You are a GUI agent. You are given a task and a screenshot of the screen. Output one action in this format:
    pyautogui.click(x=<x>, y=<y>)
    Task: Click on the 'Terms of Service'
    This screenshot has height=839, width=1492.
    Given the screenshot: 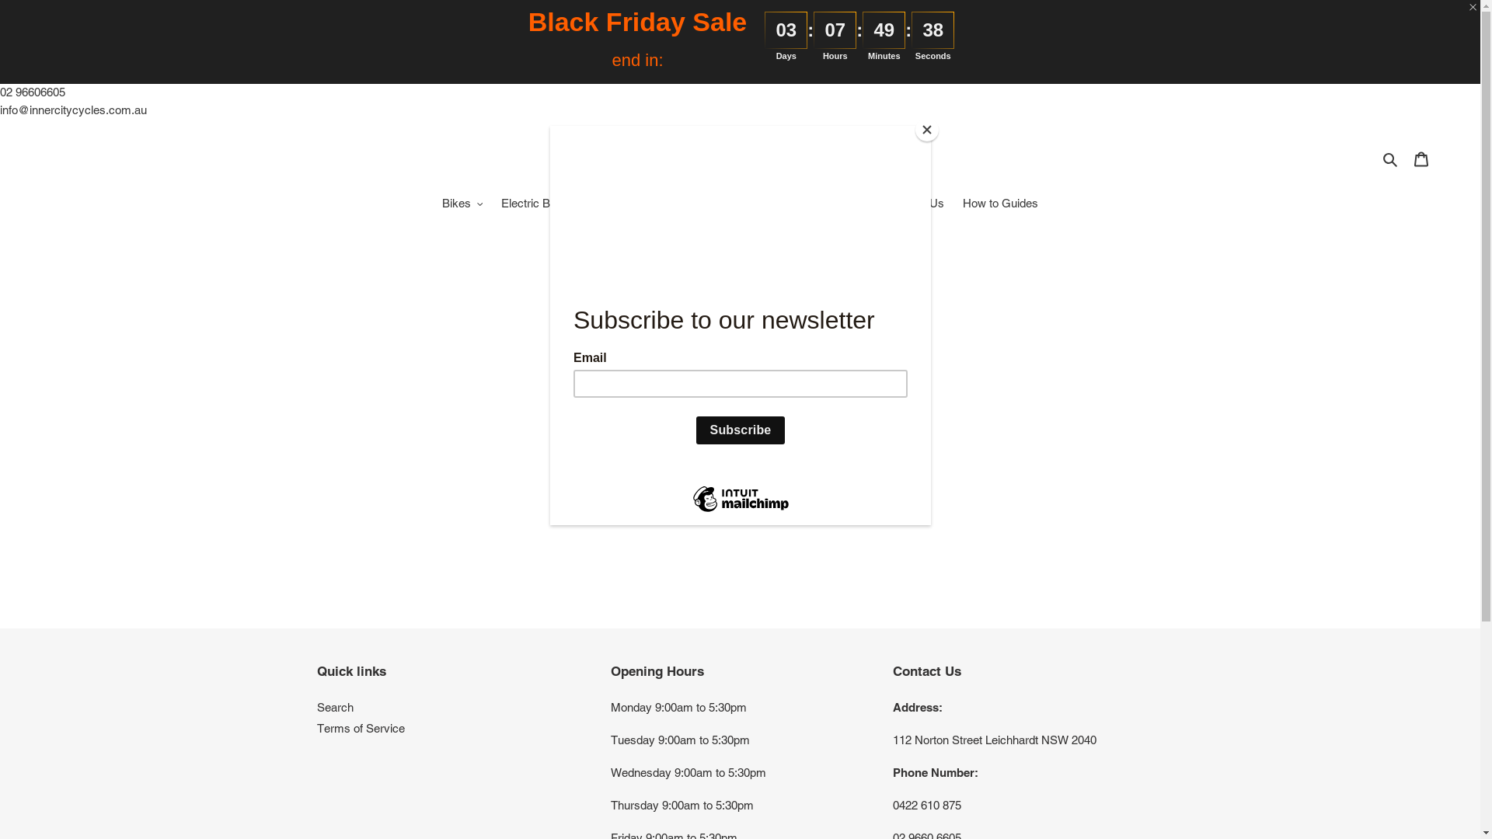 What is the action you would take?
    pyautogui.click(x=360, y=728)
    